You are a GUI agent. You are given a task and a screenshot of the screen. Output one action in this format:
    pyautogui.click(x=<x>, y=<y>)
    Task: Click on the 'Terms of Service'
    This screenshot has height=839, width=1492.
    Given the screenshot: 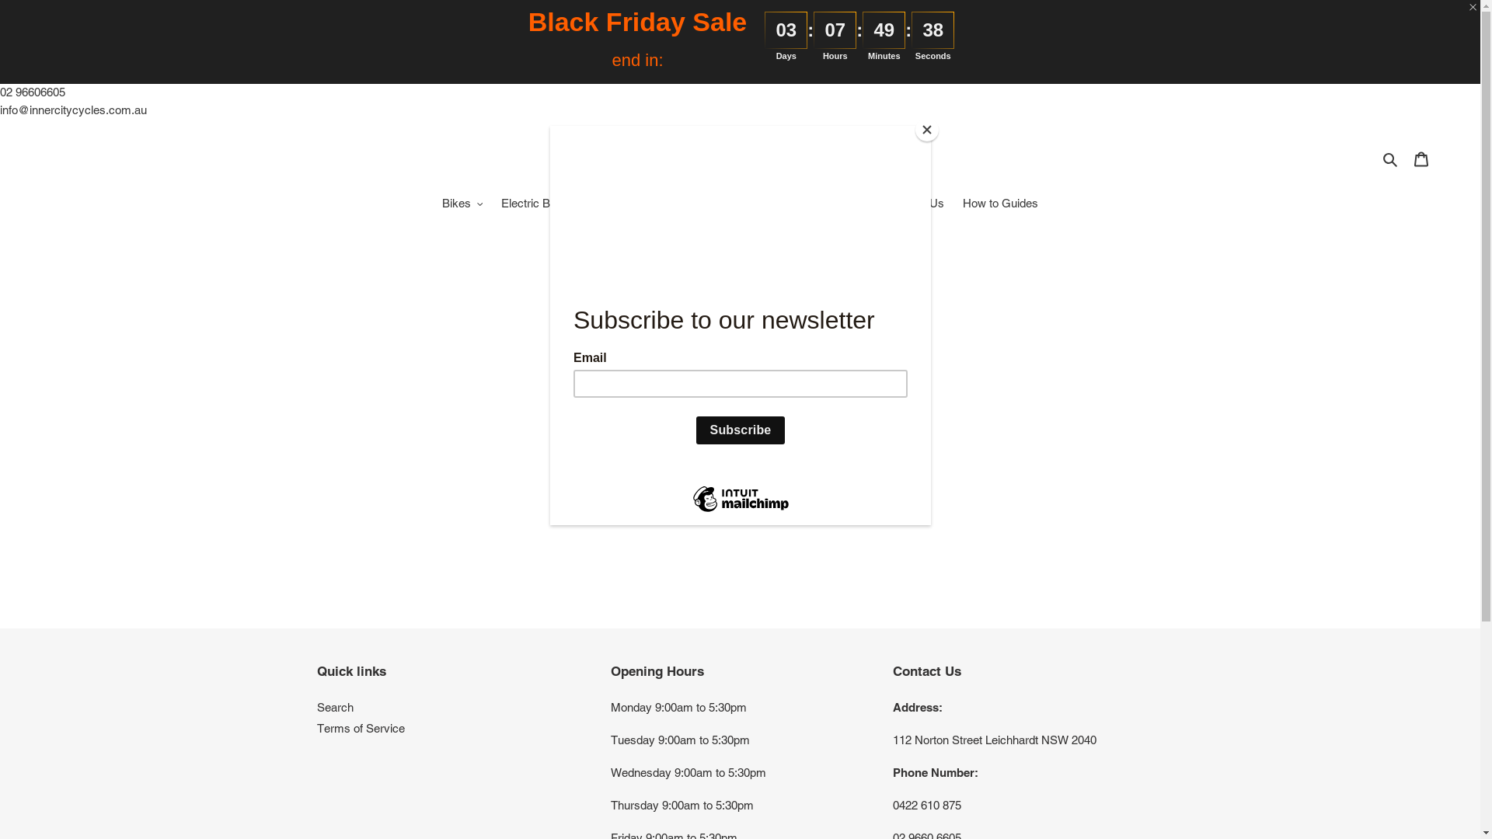 What is the action you would take?
    pyautogui.click(x=360, y=728)
    